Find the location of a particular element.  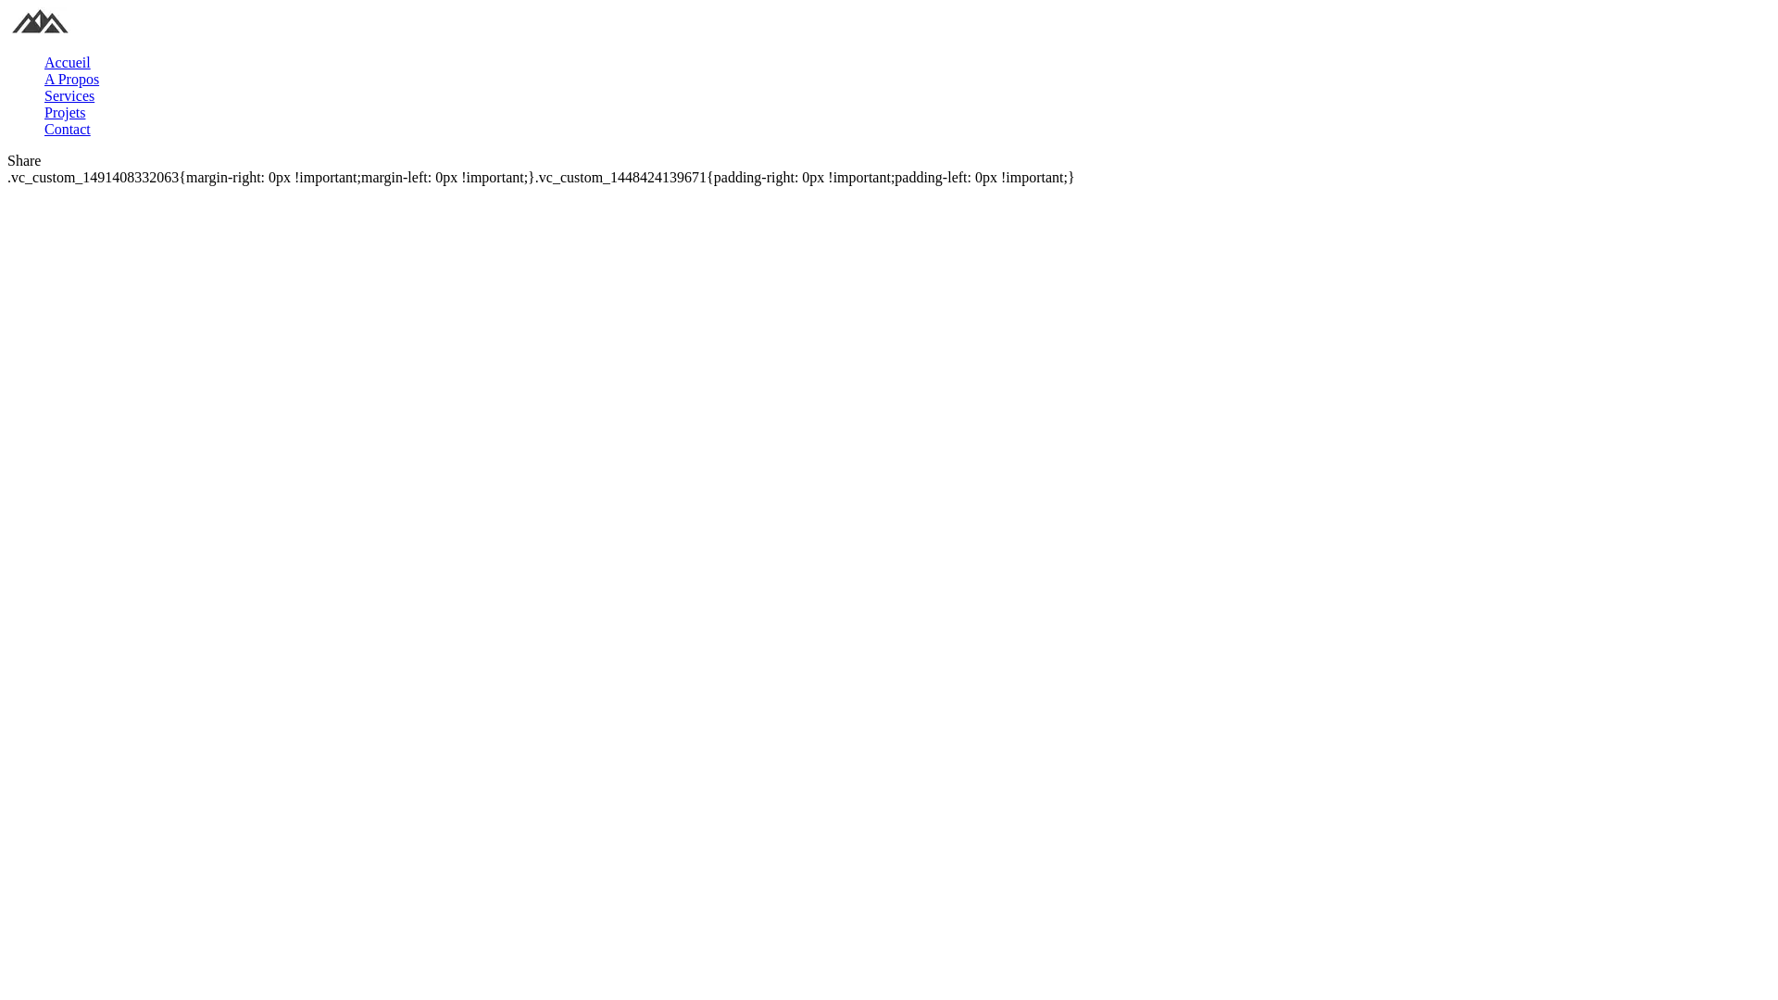

'Contact' is located at coordinates (67, 128).